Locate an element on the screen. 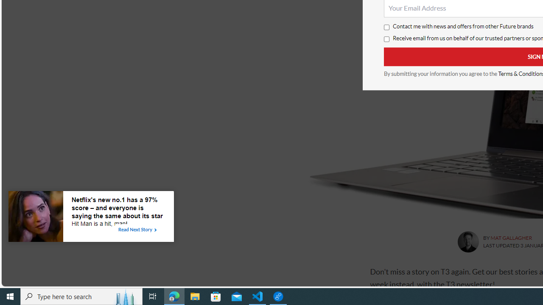 The height and width of the screenshot is (305, 543). 'MAT GALLAGHER' is located at coordinates (511, 238).